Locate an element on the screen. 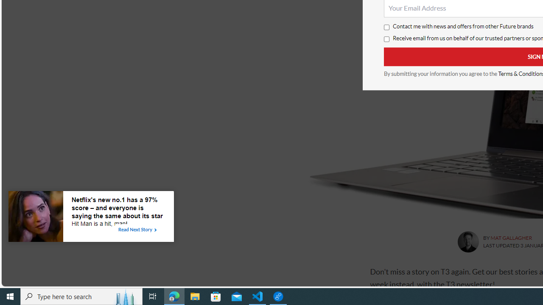 The height and width of the screenshot is (305, 543). 'MAT GALLAGHER' is located at coordinates (511, 238).